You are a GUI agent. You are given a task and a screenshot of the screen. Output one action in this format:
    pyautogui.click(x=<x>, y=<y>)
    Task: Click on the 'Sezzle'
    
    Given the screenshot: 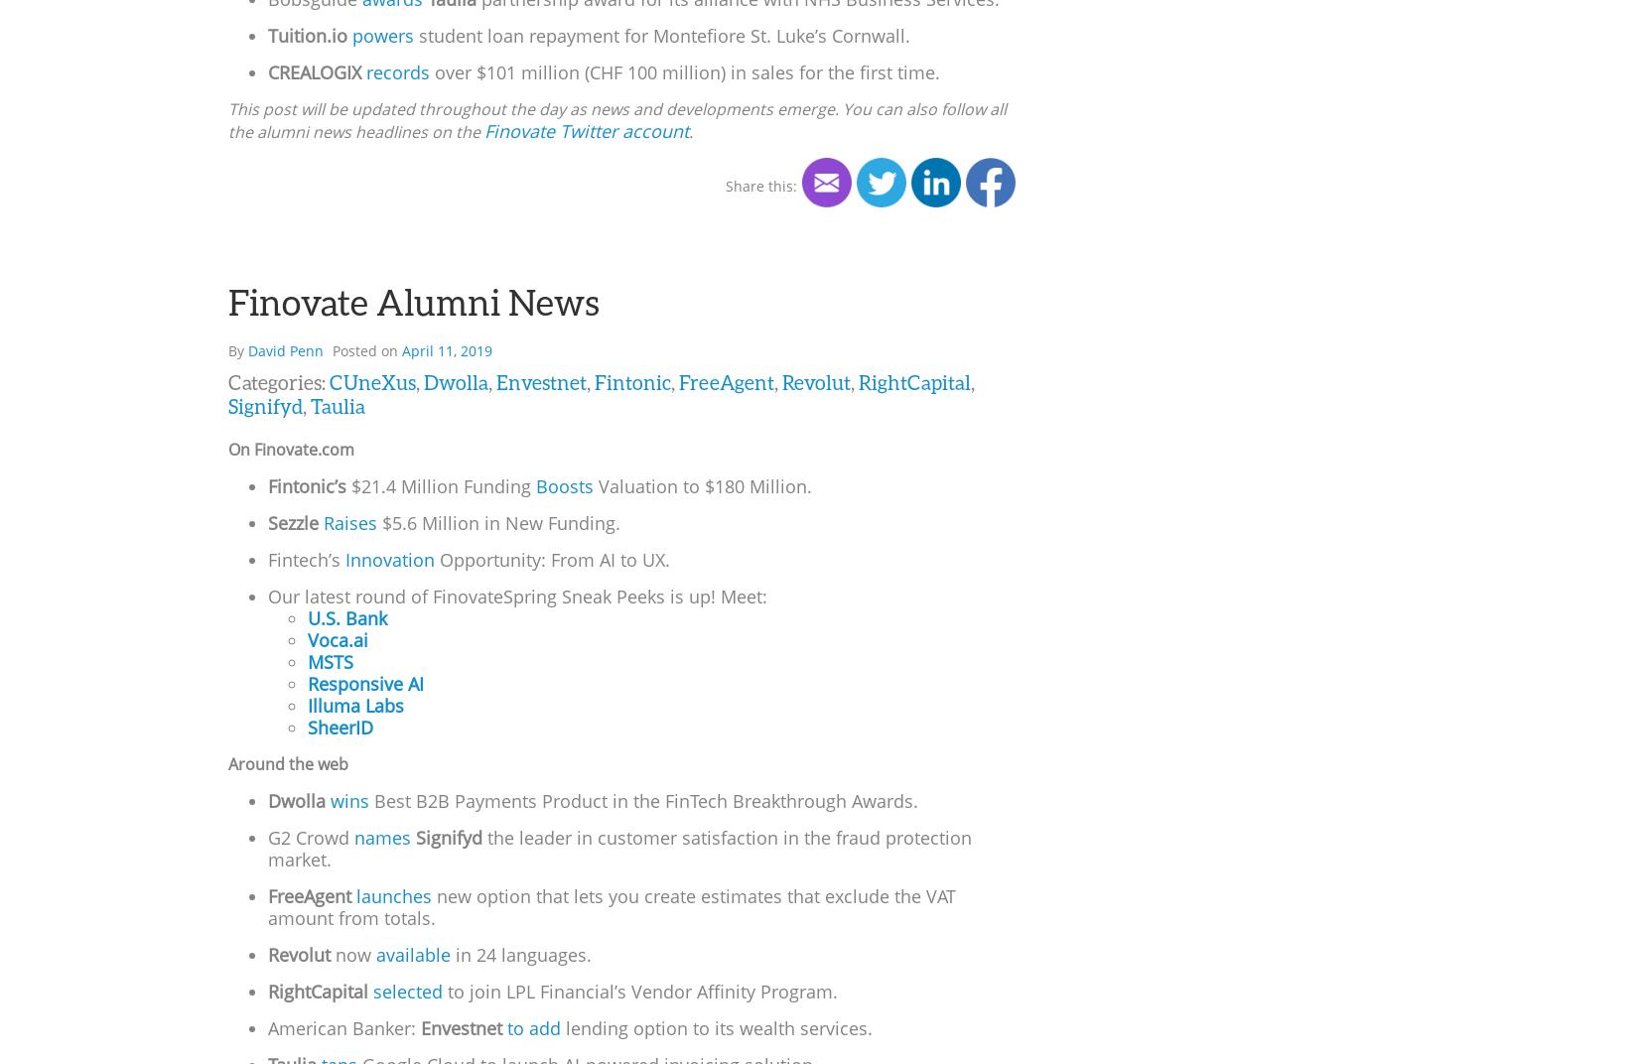 What is the action you would take?
    pyautogui.click(x=293, y=522)
    